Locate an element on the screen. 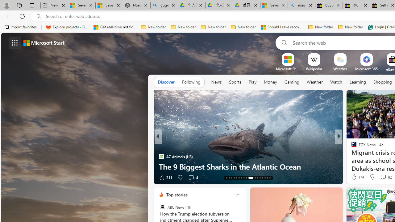 This screenshot has width=395, height=222. 'AutomationID: tab-24' is located at coordinates (257, 178).